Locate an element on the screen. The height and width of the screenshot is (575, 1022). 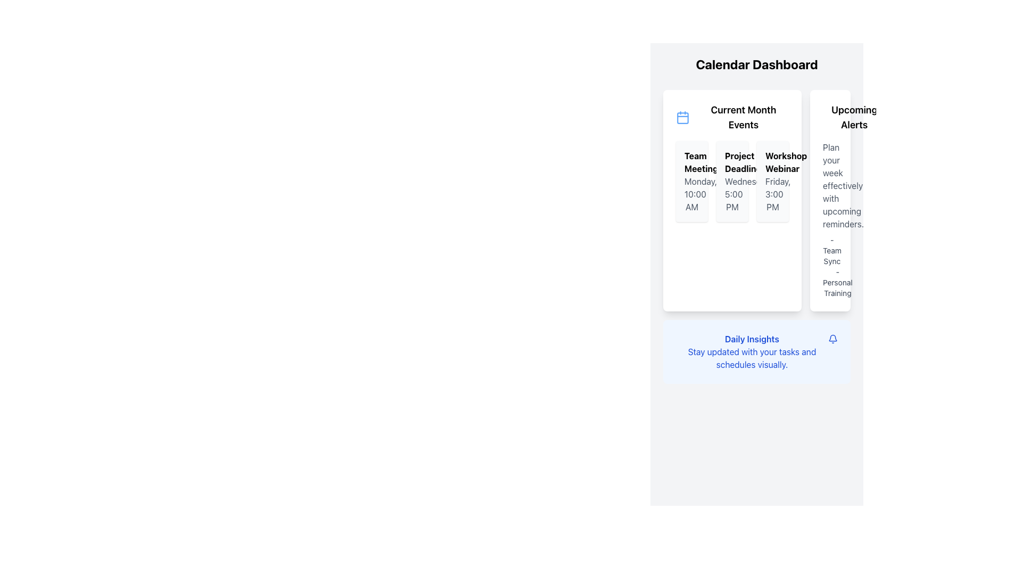
the bold text label reading 'Project Deadline', which is located in the middle column of the 'Current Month Events' section, positioned above the smaller text indicating date and time is located at coordinates (732, 162).